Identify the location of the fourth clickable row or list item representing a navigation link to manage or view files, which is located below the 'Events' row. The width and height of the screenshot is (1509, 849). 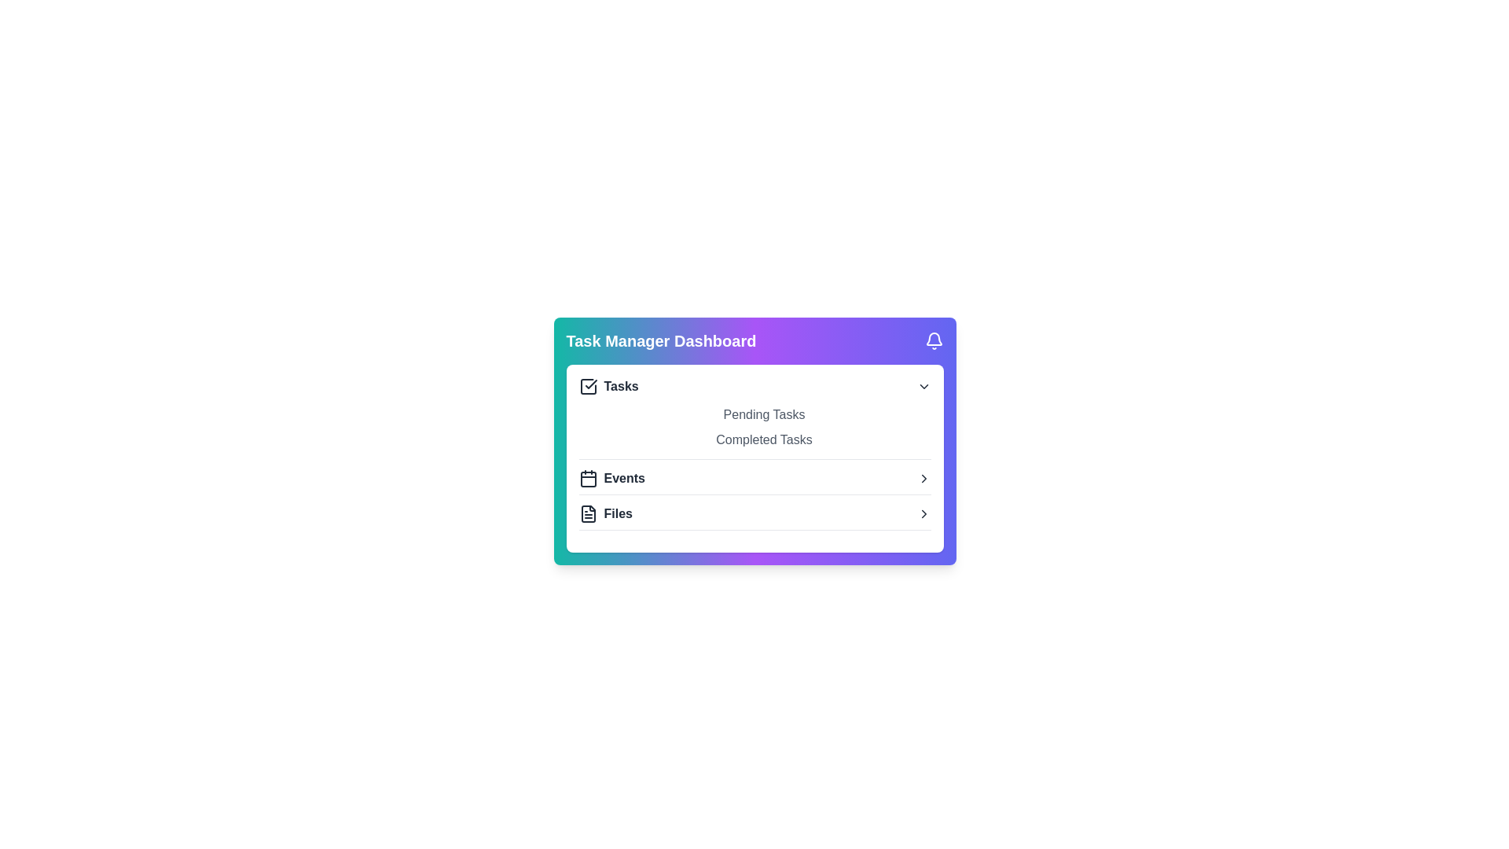
(754, 517).